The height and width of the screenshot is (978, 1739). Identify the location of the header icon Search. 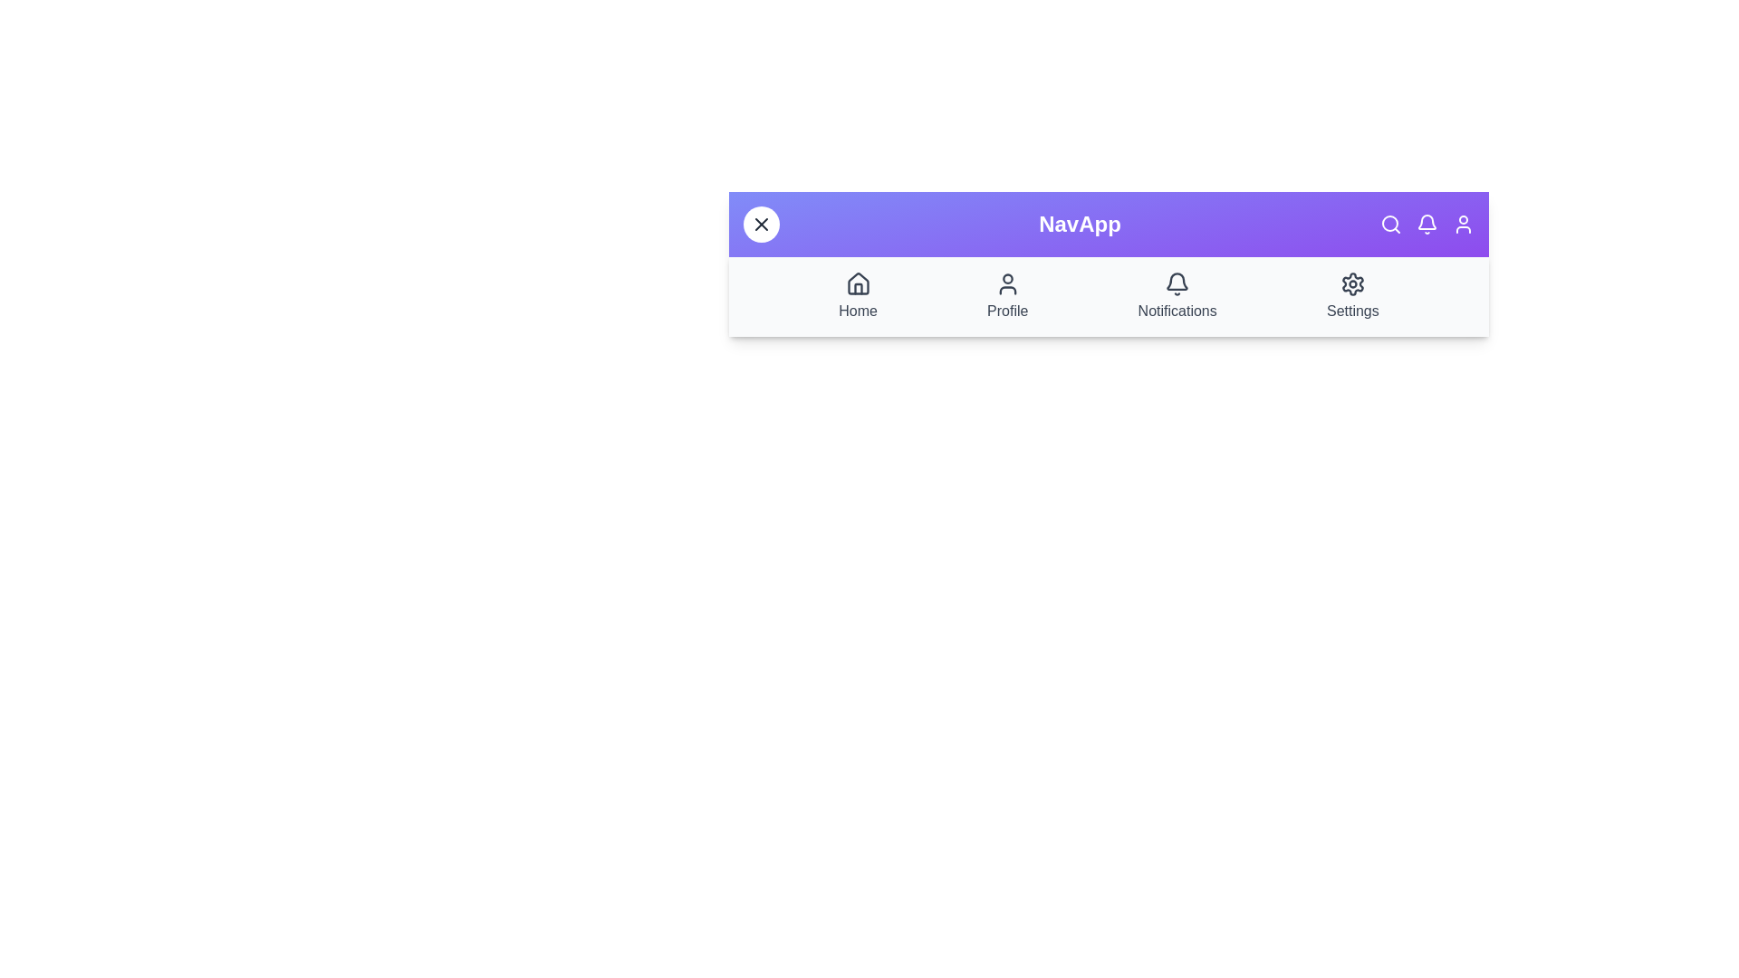
(1390, 223).